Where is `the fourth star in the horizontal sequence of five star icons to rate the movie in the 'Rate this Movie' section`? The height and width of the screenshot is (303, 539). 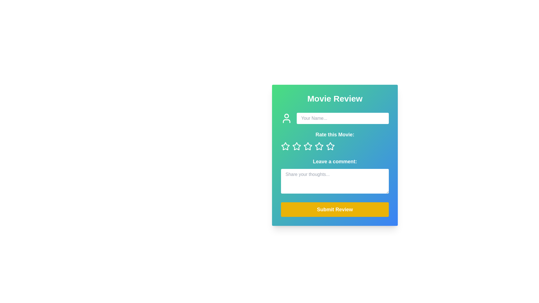
the fourth star in the horizontal sequence of five star icons to rate the movie in the 'Rate this Movie' section is located at coordinates (308, 146).